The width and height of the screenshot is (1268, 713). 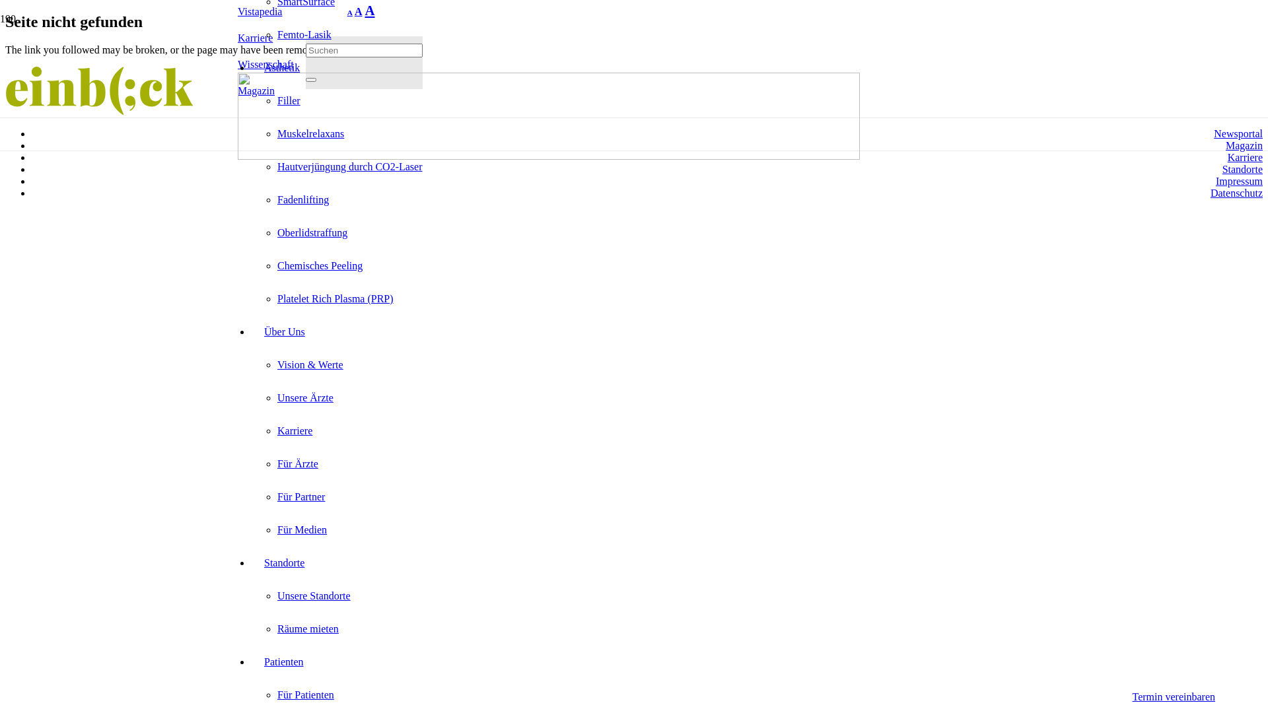 I want to click on 'Muskelrelaxans', so click(x=310, y=133).